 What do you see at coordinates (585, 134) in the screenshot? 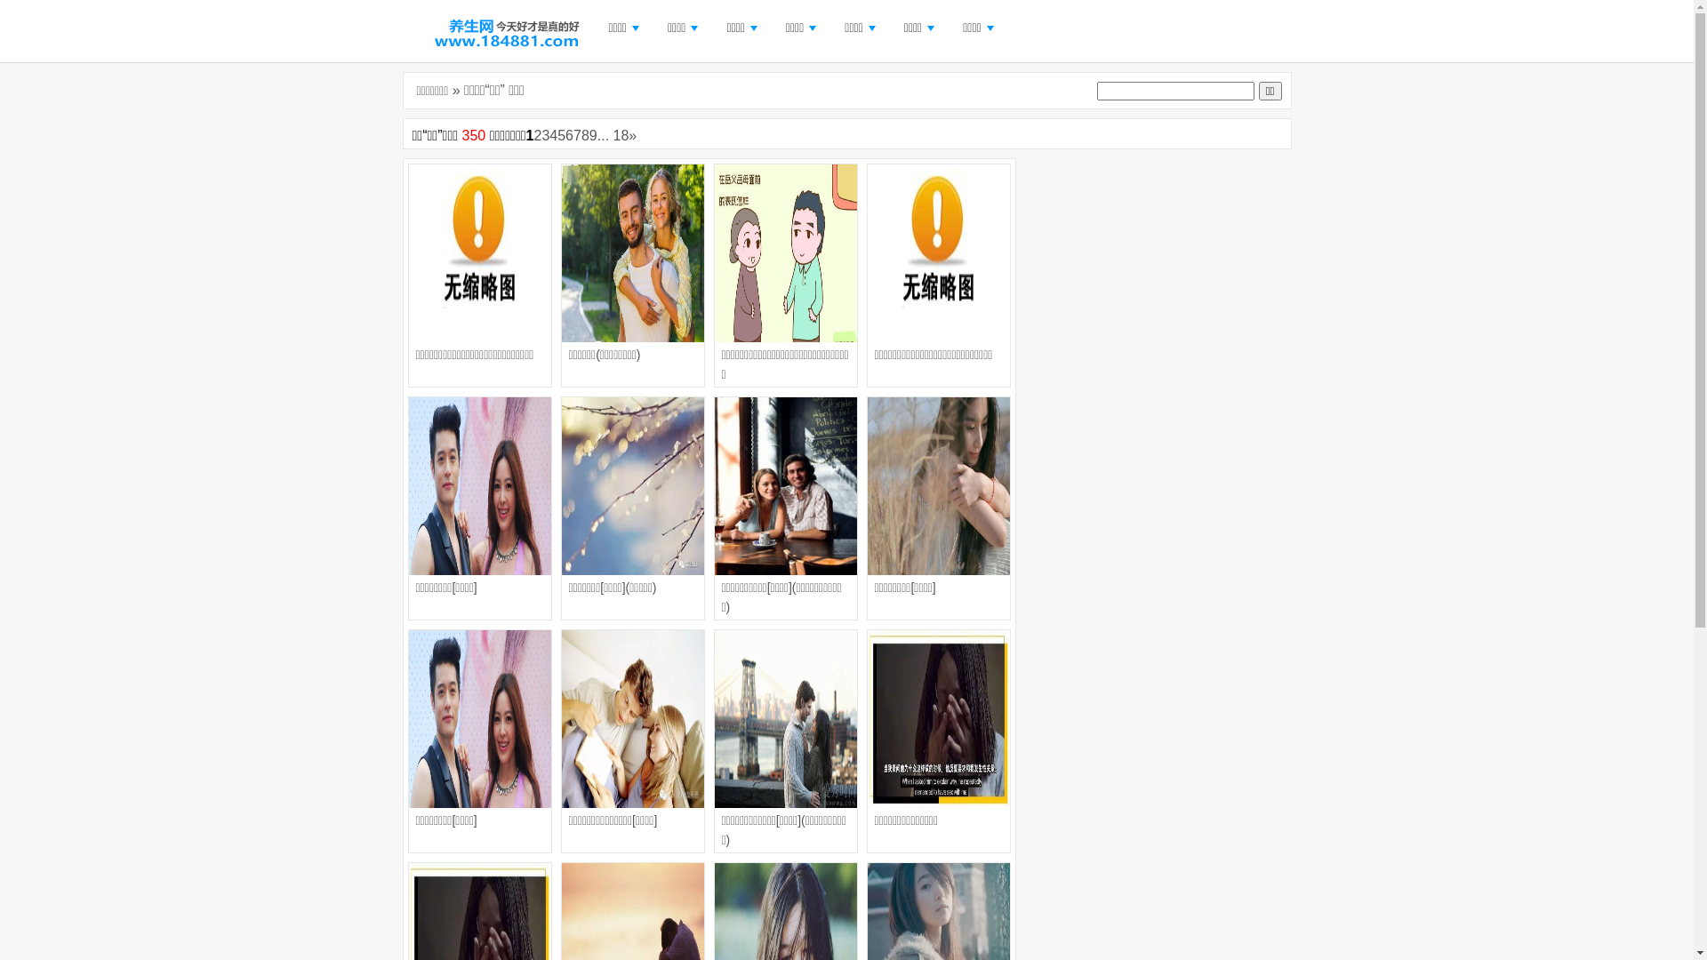
I see `'8'` at bounding box center [585, 134].